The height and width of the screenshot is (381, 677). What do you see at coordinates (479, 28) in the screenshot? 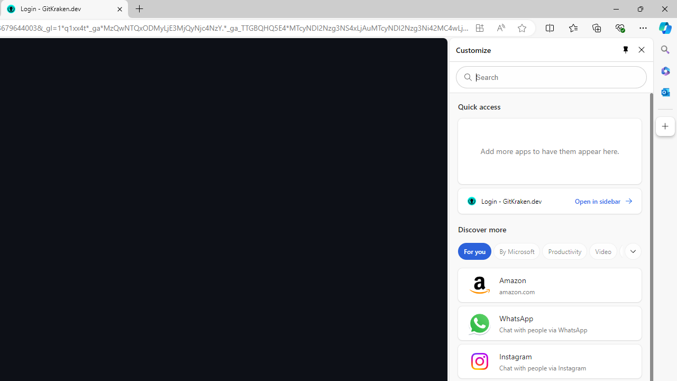
I see `'App available. Install GitKraken.dev'` at bounding box center [479, 28].